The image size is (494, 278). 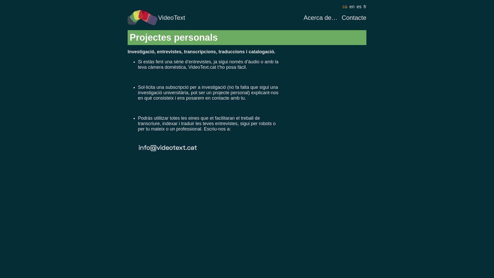 What do you see at coordinates (345, 7) in the screenshot?
I see `'ca'` at bounding box center [345, 7].